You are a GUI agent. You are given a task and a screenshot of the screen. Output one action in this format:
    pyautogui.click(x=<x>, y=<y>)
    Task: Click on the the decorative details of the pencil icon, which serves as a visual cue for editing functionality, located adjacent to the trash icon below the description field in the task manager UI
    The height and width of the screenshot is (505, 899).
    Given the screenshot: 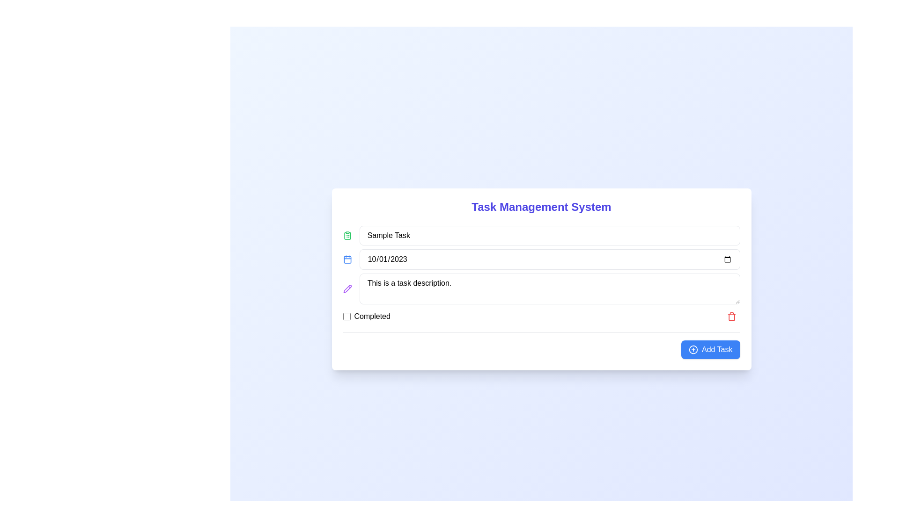 What is the action you would take?
    pyautogui.click(x=347, y=288)
    